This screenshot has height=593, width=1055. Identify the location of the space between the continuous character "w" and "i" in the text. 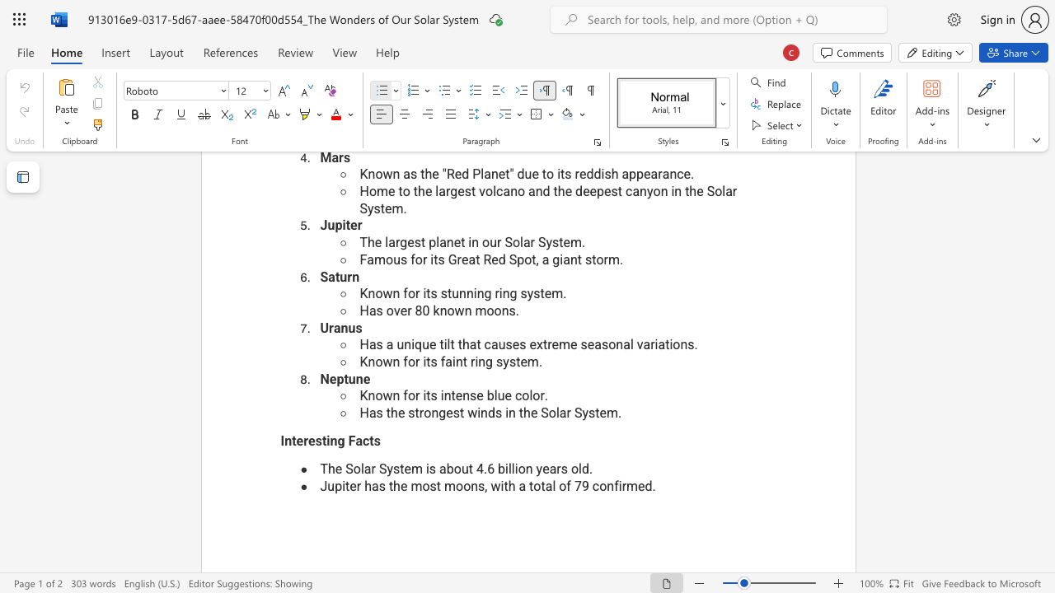
(475, 412).